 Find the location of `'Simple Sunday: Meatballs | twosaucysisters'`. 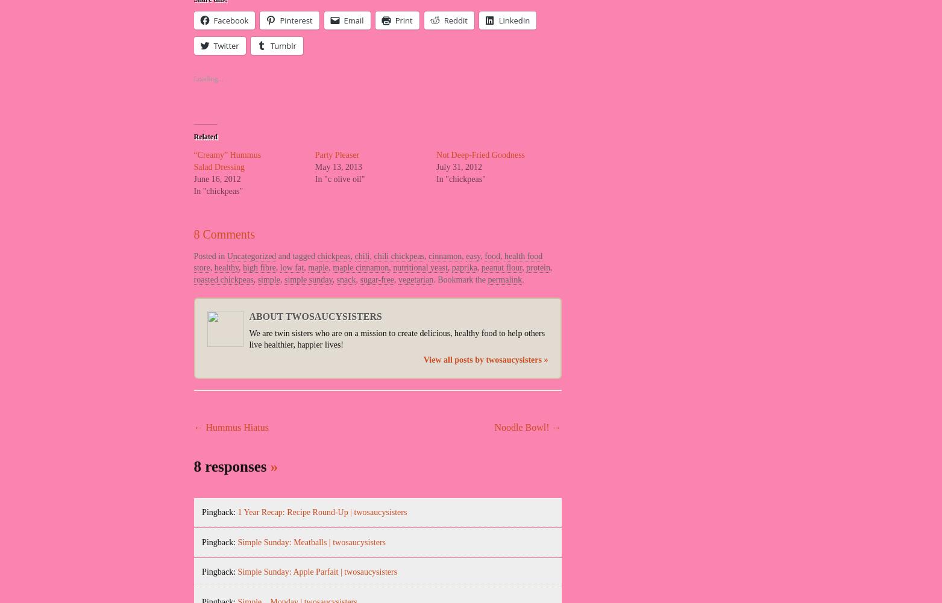

'Simple Sunday: Meatballs | twosaucysisters' is located at coordinates (311, 542).